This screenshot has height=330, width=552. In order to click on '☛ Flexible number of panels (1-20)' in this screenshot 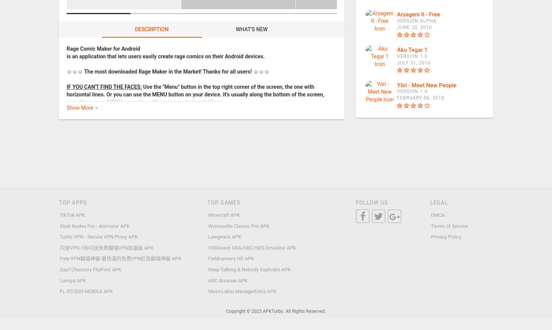, I will do `click(66, 216)`.